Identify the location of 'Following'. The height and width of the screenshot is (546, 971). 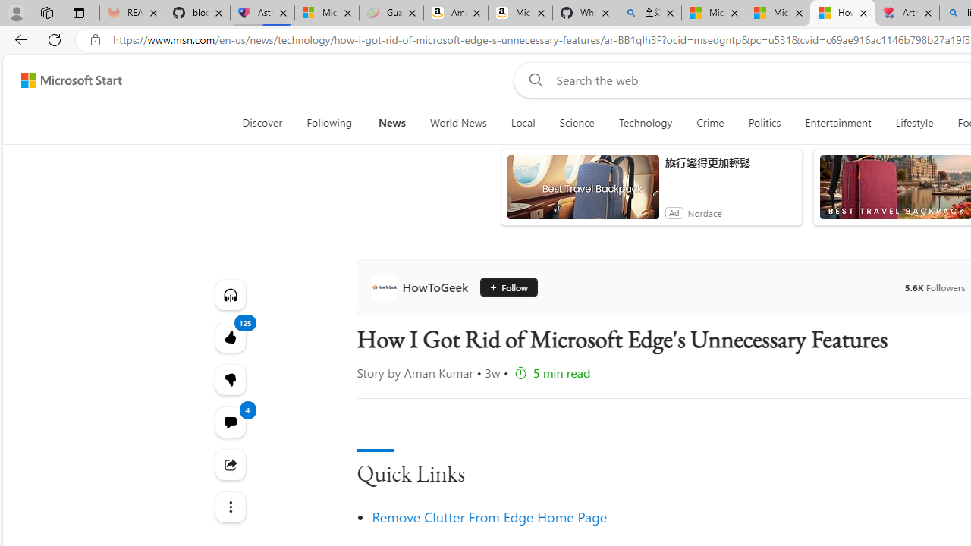
(329, 123).